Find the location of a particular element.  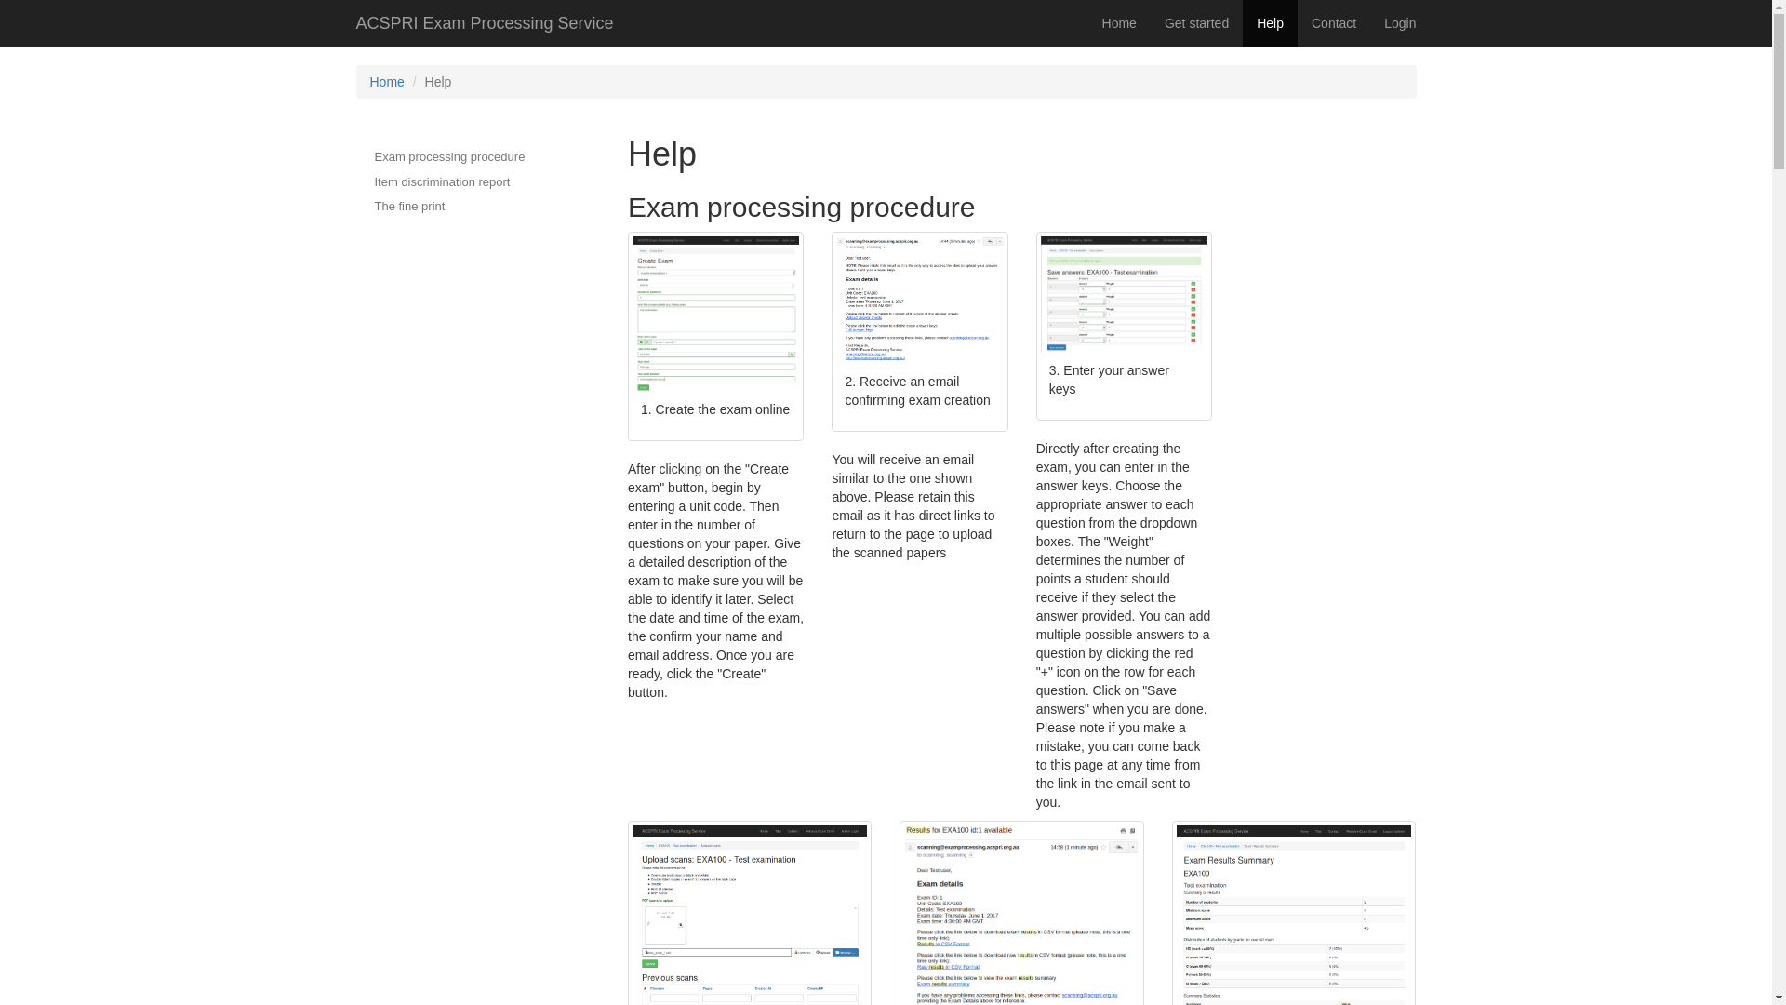

'Item discrimination report' is located at coordinates (355, 182).